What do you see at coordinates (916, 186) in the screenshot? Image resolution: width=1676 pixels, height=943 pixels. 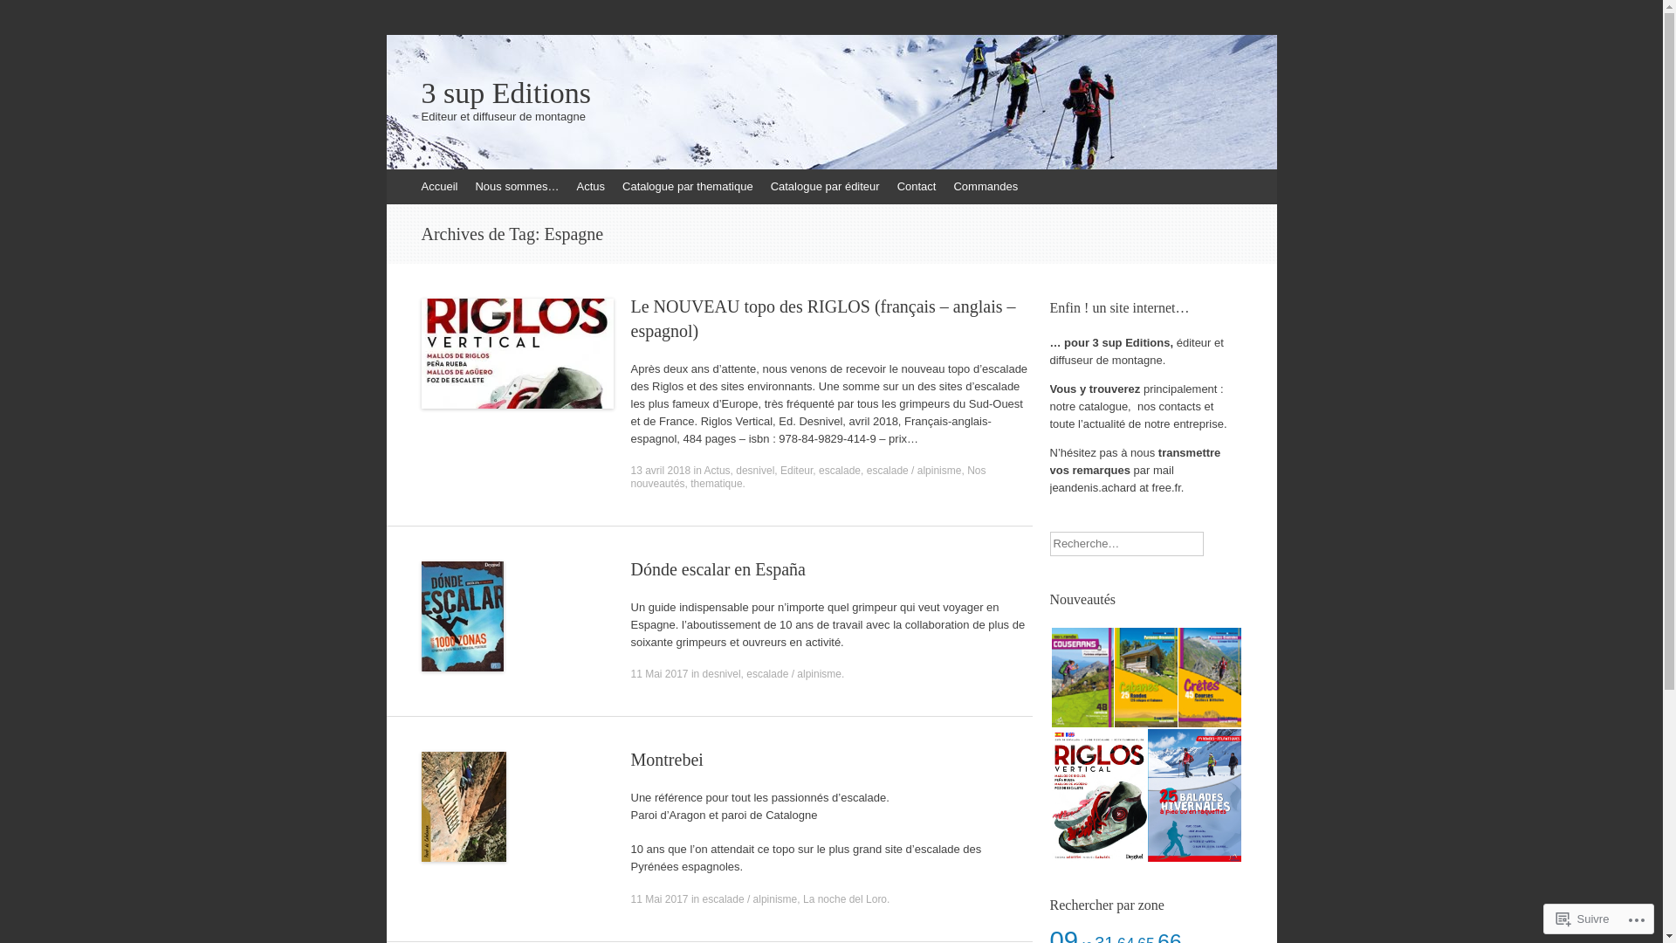 I see `'Contact'` at bounding box center [916, 186].